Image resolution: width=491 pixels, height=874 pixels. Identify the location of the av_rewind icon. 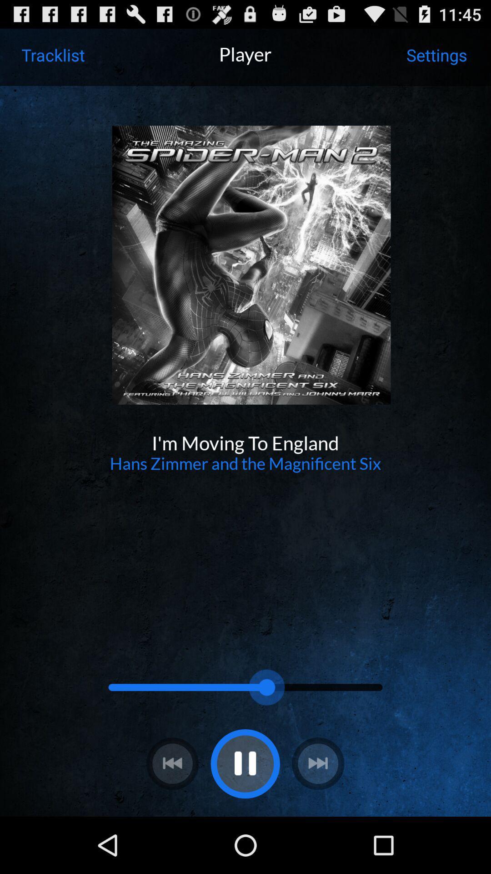
(172, 817).